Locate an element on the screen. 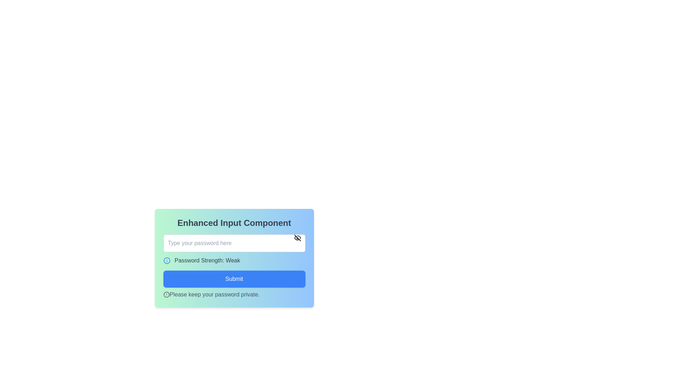 The height and width of the screenshot is (383, 682). the alert icon located to the left of the text 'Please keep your password private.' at the bottom center of the main input form area is located at coordinates (166, 294).